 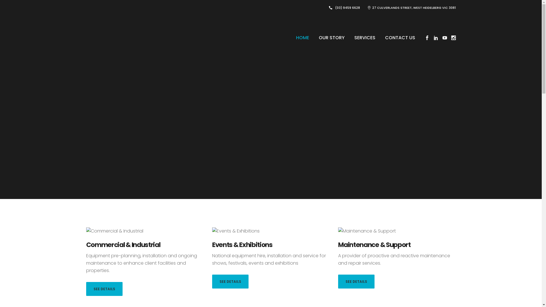 What do you see at coordinates (332, 38) in the screenshot?
I see `'OUR STORY'` at bounding box center [332, 38].